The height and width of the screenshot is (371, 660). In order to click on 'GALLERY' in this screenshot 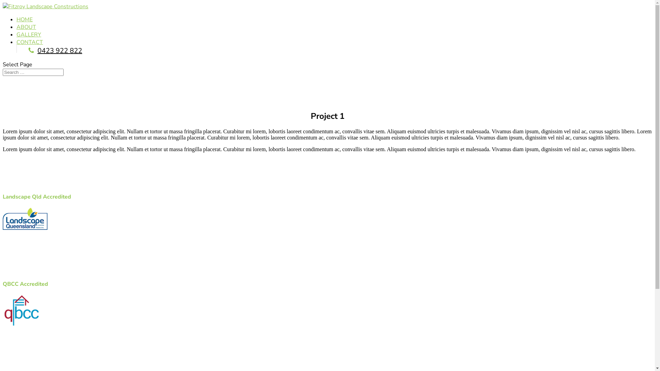, I will do `click(16, 34)`.